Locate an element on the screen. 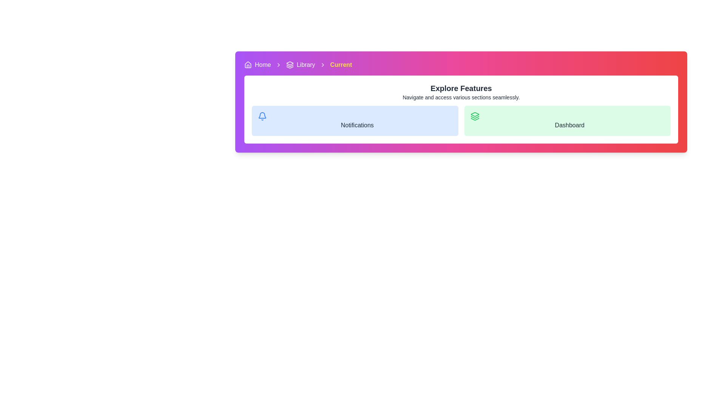  the current location marked as 'Current' in the Breadcrumb navigation bar, which is highlighted in yellow and part of a gradient background is located at coordinates (461, 65).